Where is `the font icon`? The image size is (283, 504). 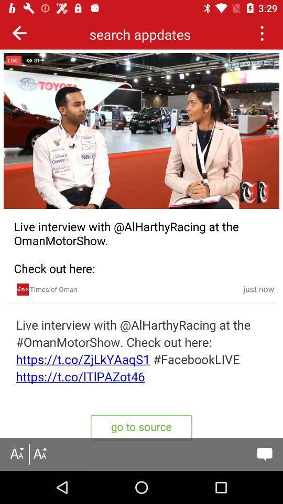
the font icon is located at coordinates (39, 454).